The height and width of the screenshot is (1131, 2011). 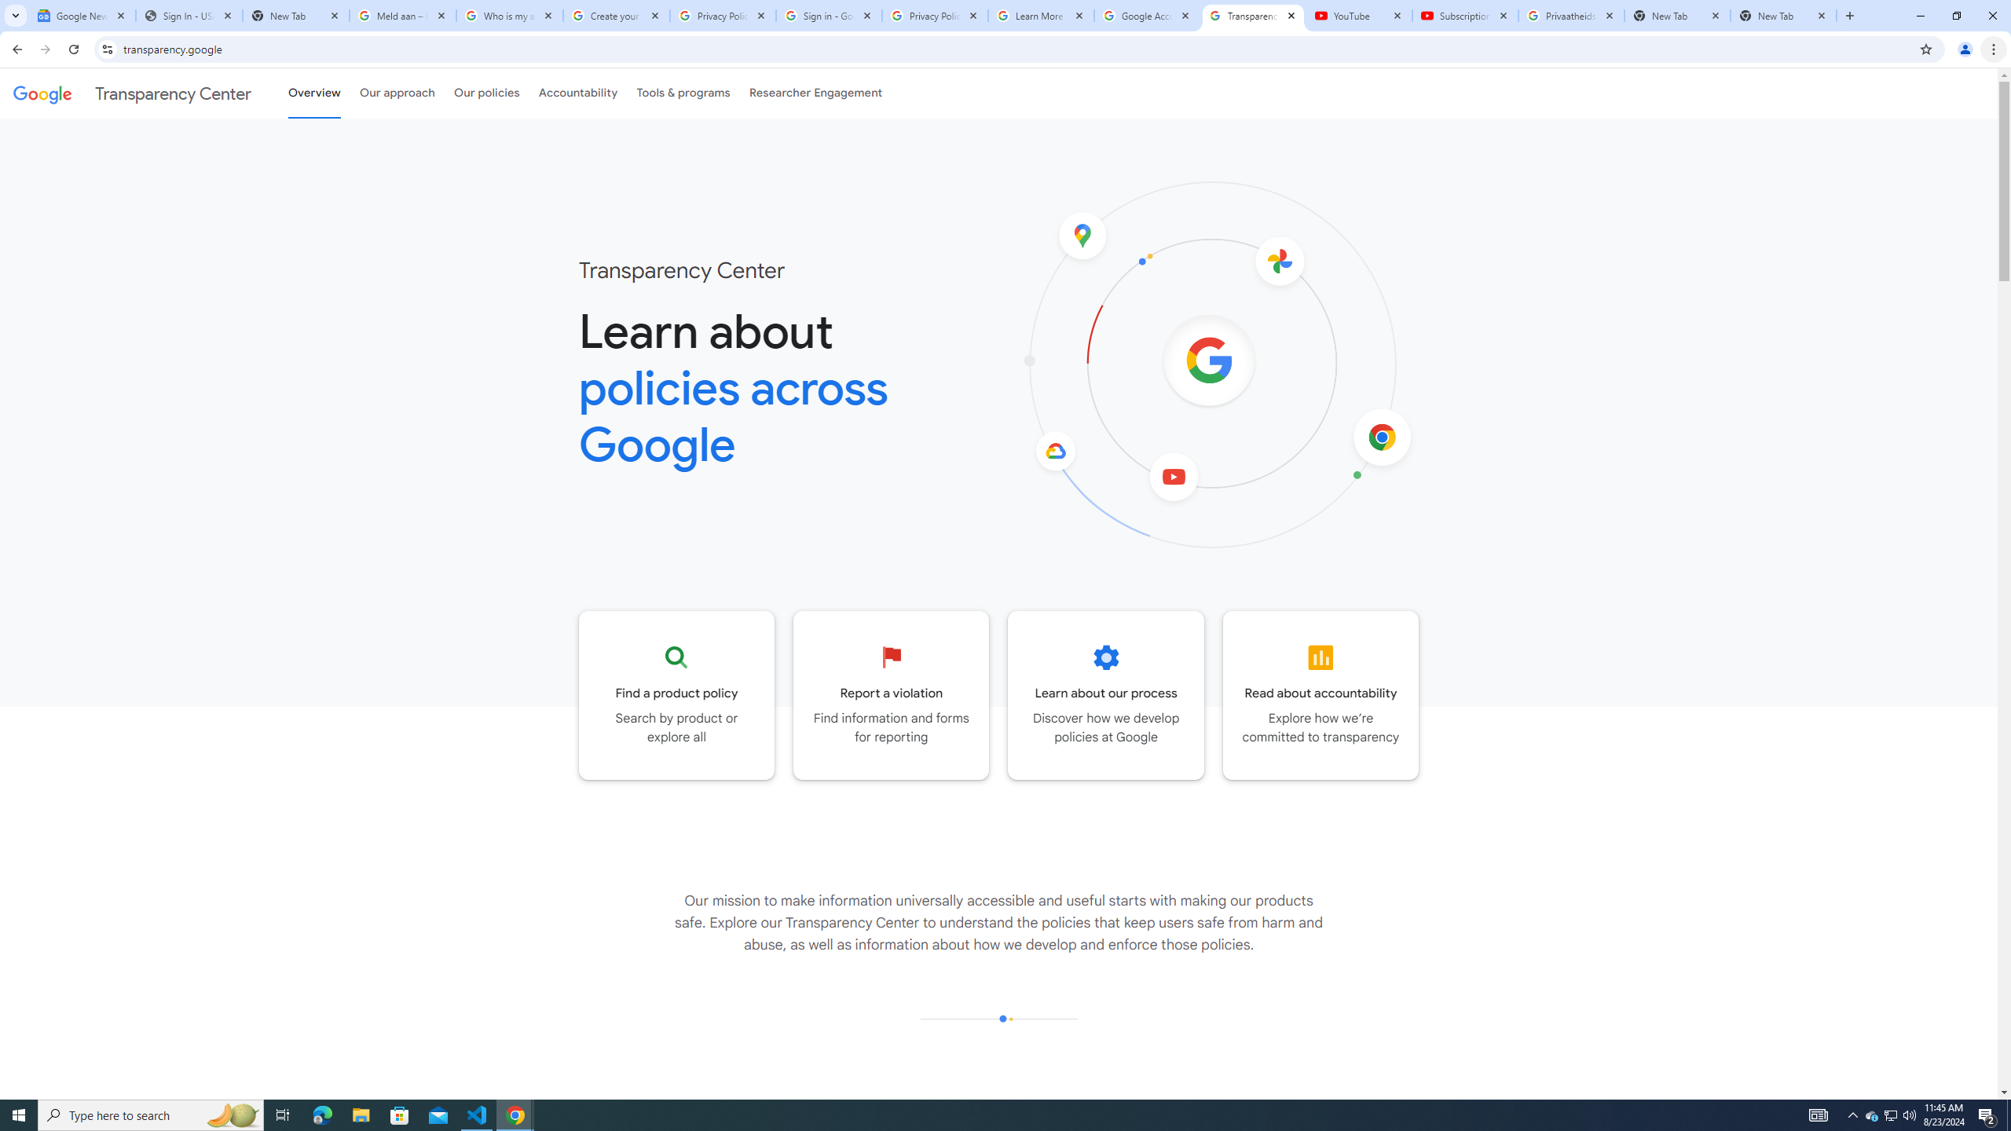 What do you see at coordinates (676, 694) in the screenshot?
I see `'Go to the Product policy page'` at bounding box center [676, 694].